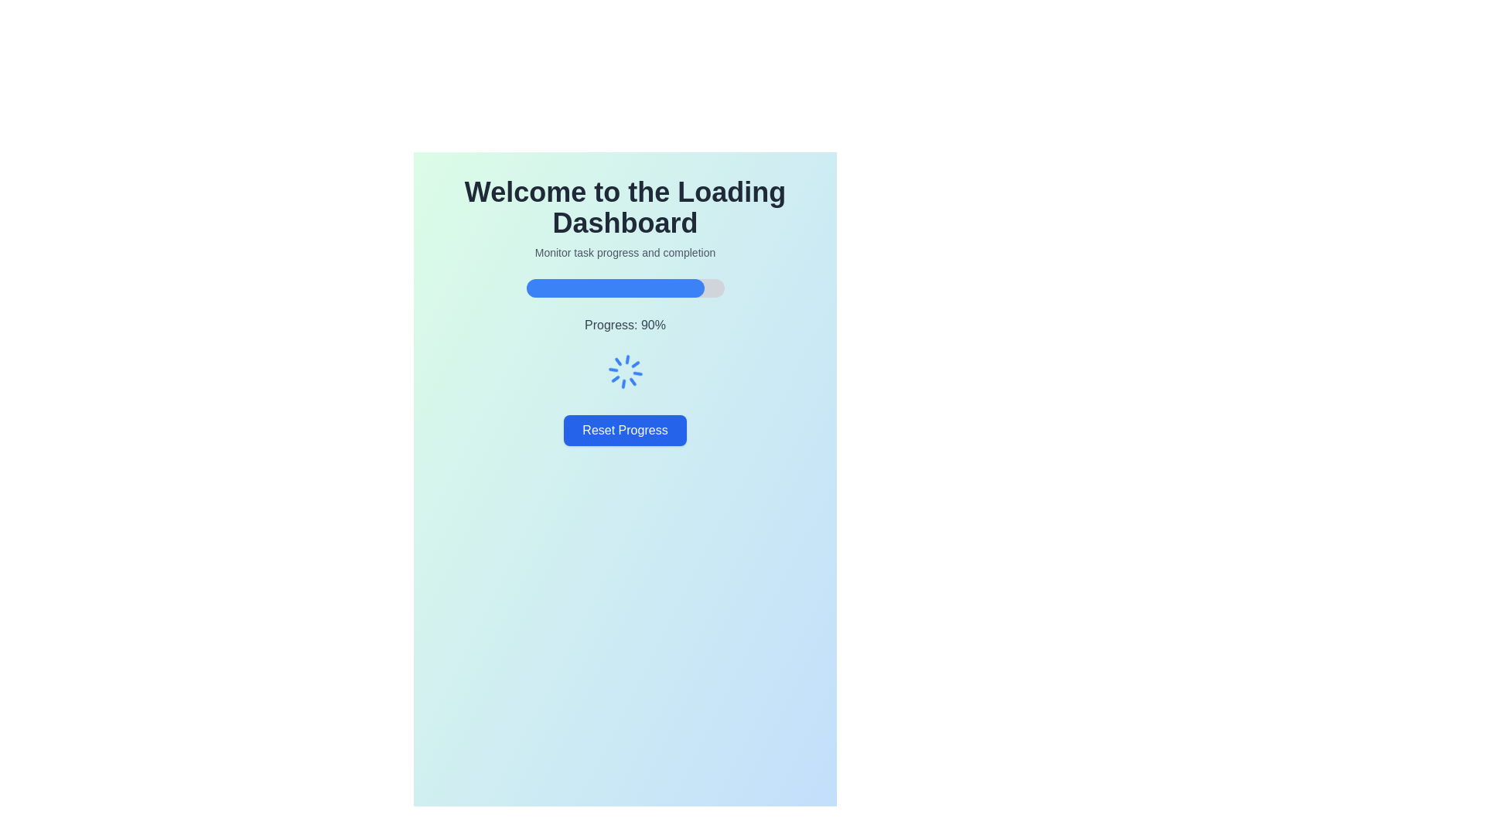 The image size is (1485, 835). What do you see at coordinates (625, 218) in the screenshot?
I see `text from the Text block located centrally at the top section of the dashboard interface, which serves as the title and brief description` at bounding box center [625, 218].